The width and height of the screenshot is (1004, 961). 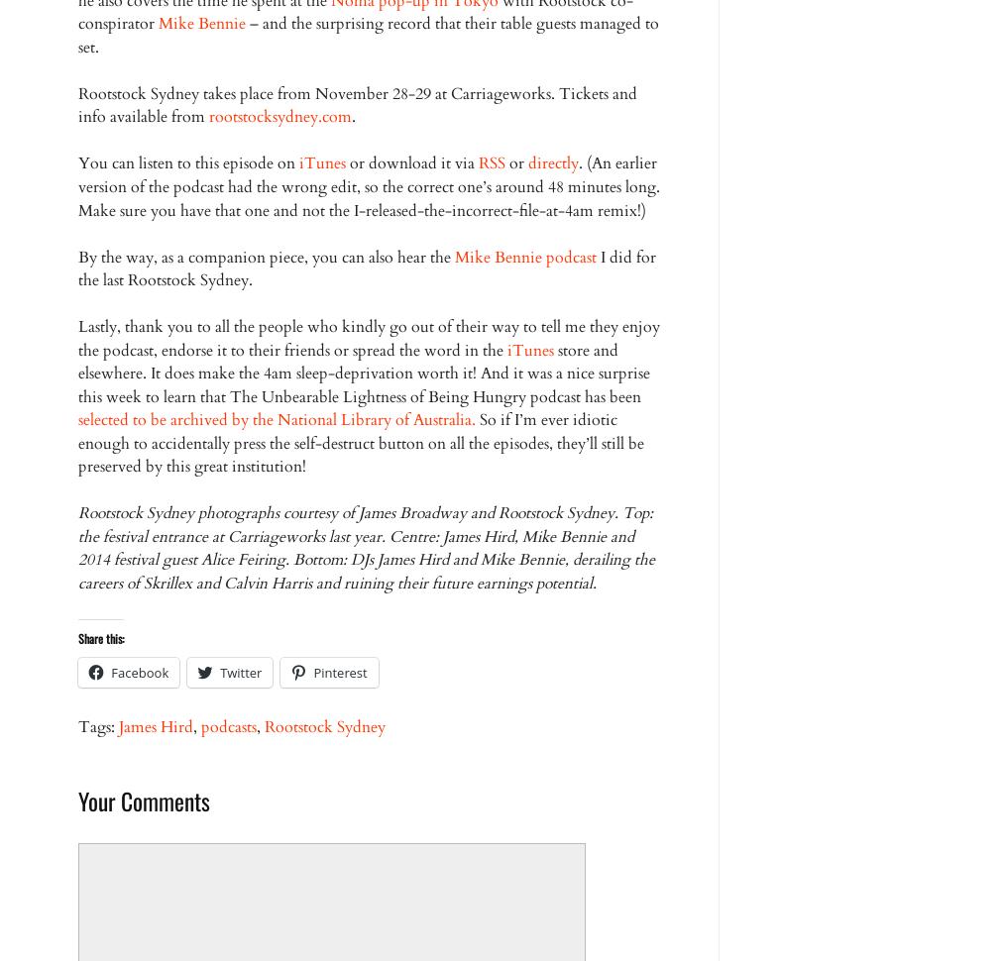 What do you see at coordinates (208, 116) in the screenshot?
I see `'rootstocksydney.com'` at bounding box center [208, 116].